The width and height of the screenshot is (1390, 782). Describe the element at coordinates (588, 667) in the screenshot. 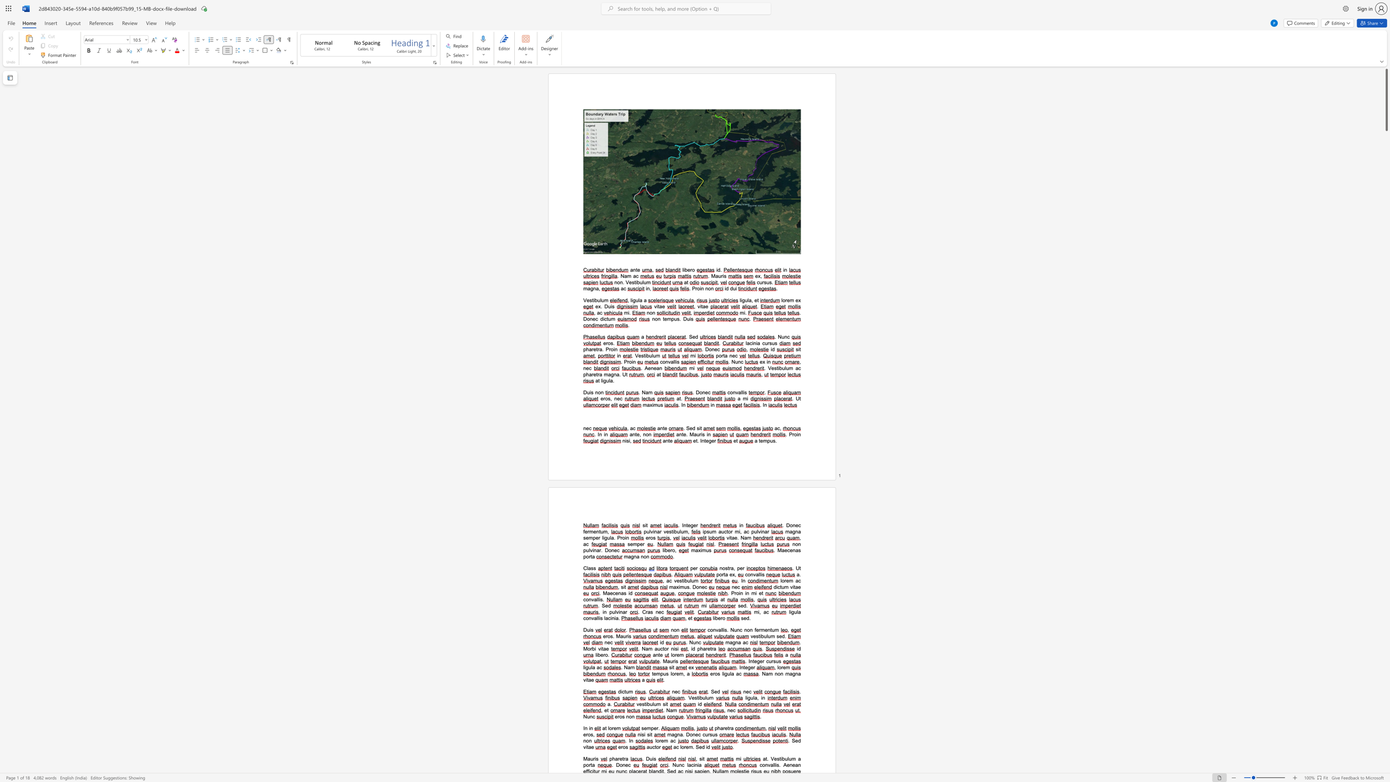

I see `the space between the continuous character "g" and "u" in the text` at that location.